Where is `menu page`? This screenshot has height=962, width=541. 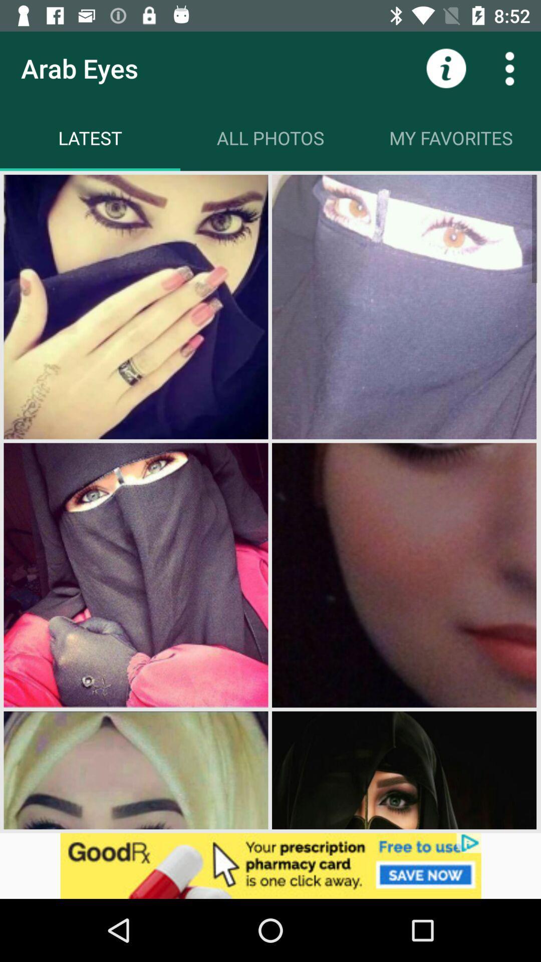
menu page is located at coordinates (509, 68).